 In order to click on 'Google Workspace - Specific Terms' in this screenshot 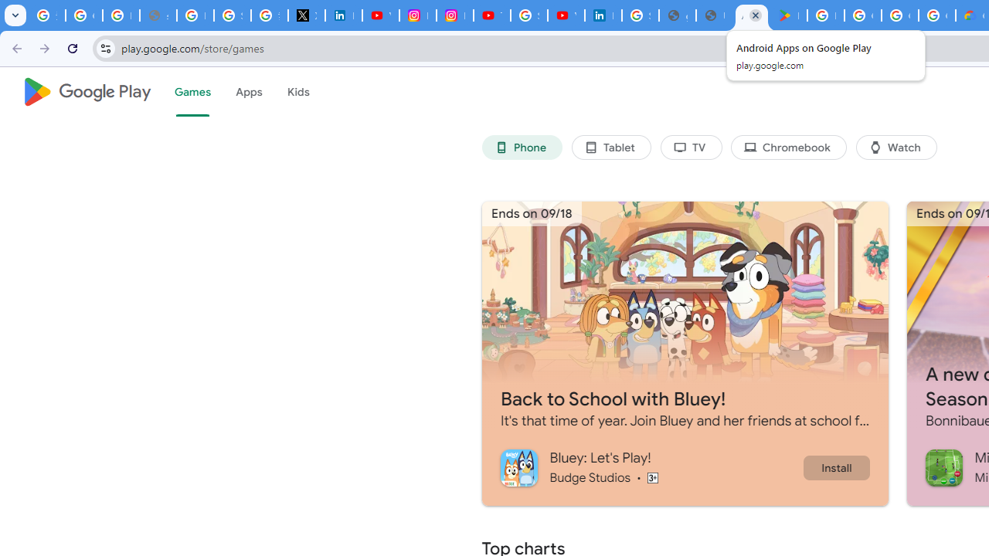, I will do `click(936, 15)`.